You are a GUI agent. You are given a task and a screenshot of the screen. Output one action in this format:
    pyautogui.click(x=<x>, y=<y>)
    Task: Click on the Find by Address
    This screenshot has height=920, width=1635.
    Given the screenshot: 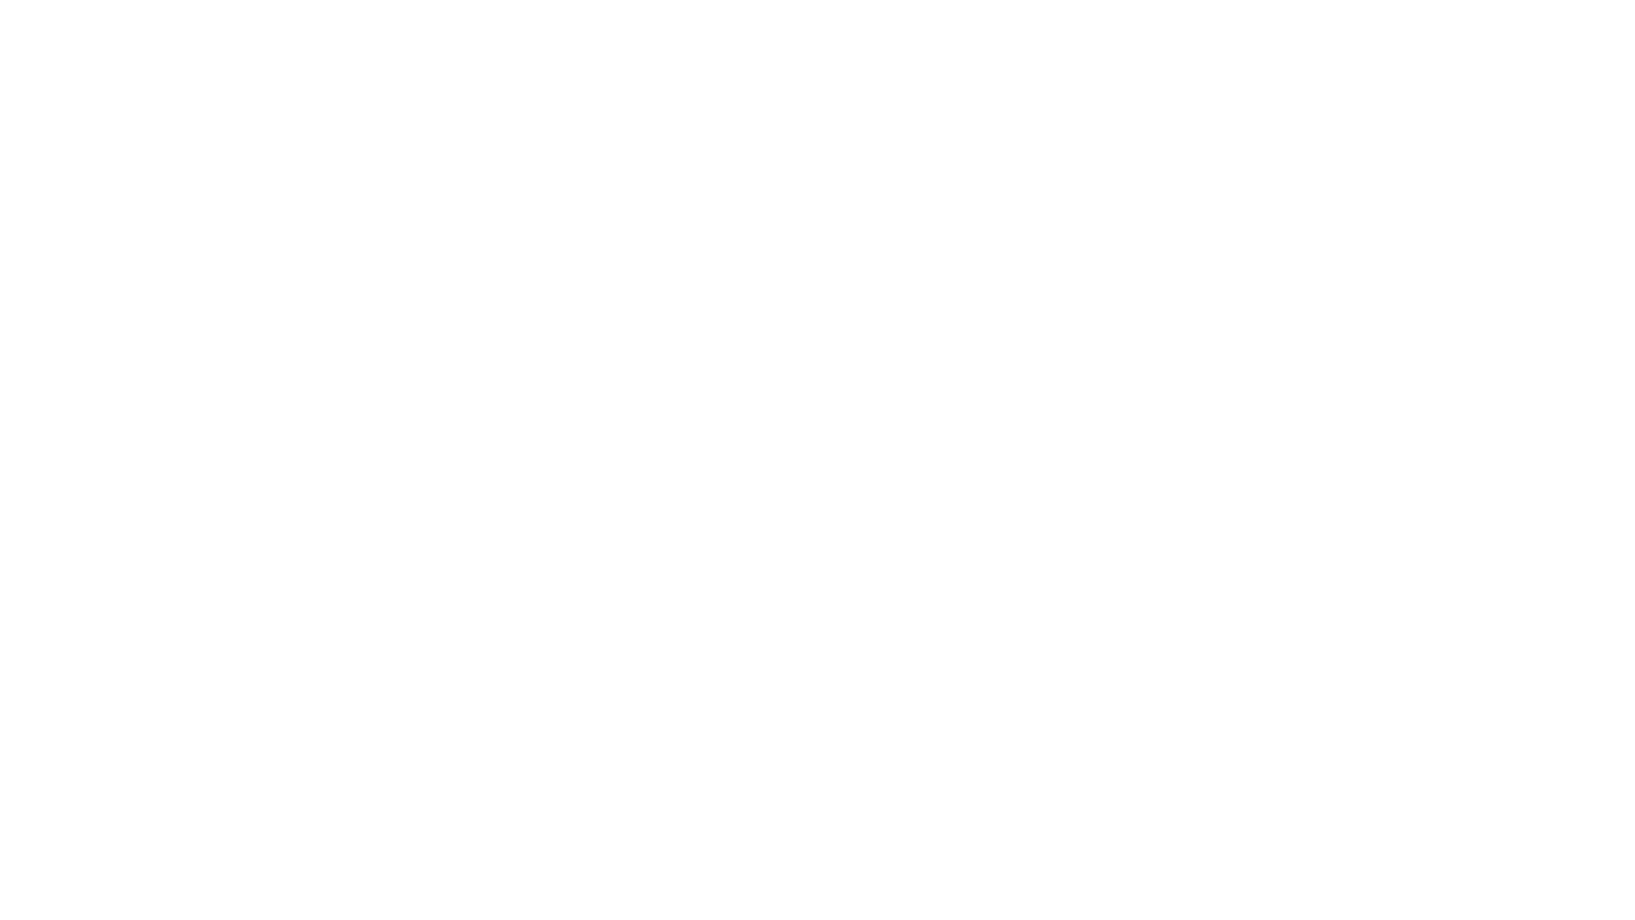 What is the action you would take?
    pyautogui.click(x=493, y=342)
    